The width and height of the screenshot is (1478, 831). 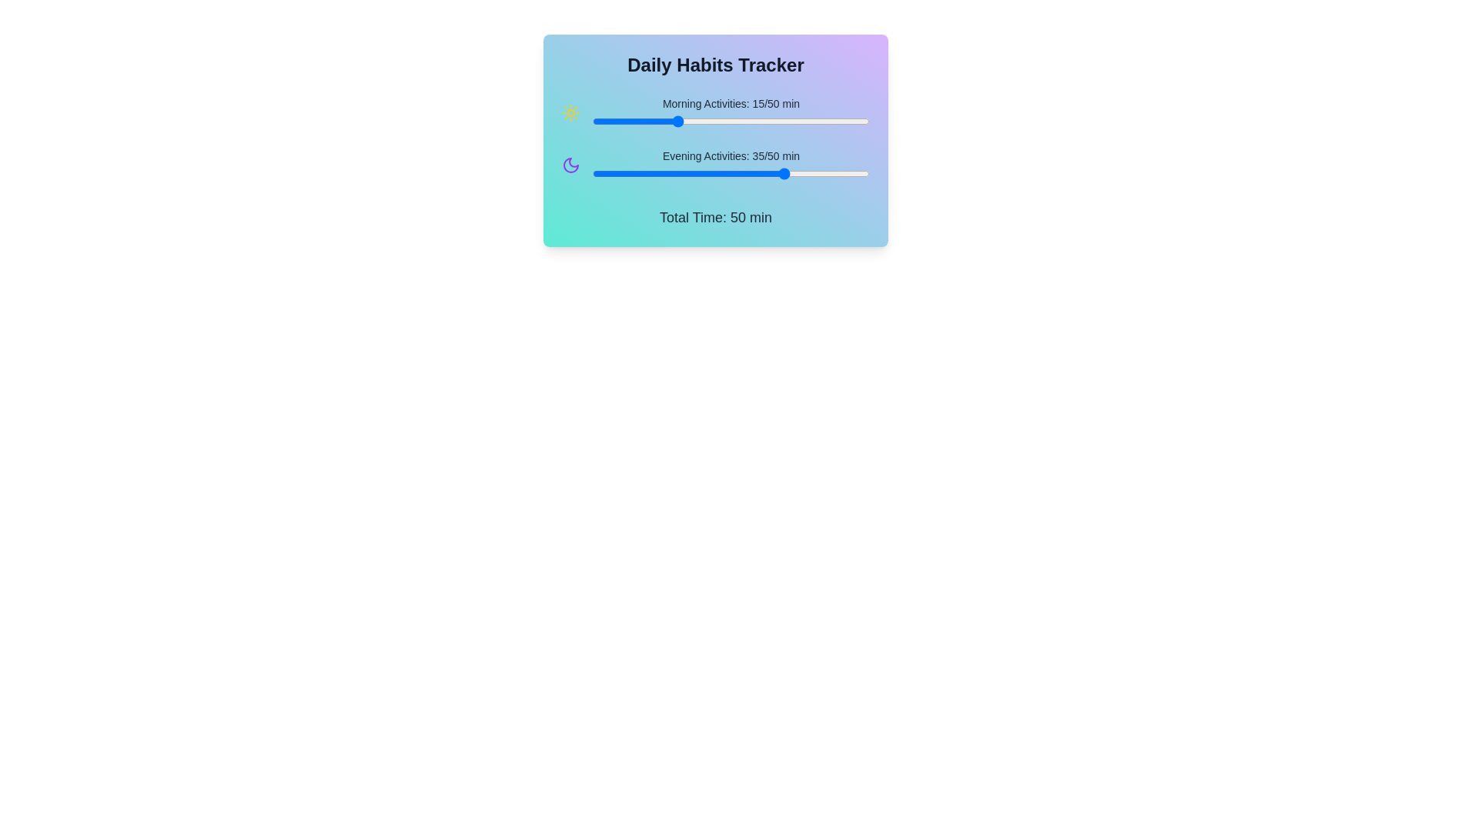 What do you see at coordinates (736, 173) in the screenshot?
I see `the evening activity time` at bounding box center [736, 173].